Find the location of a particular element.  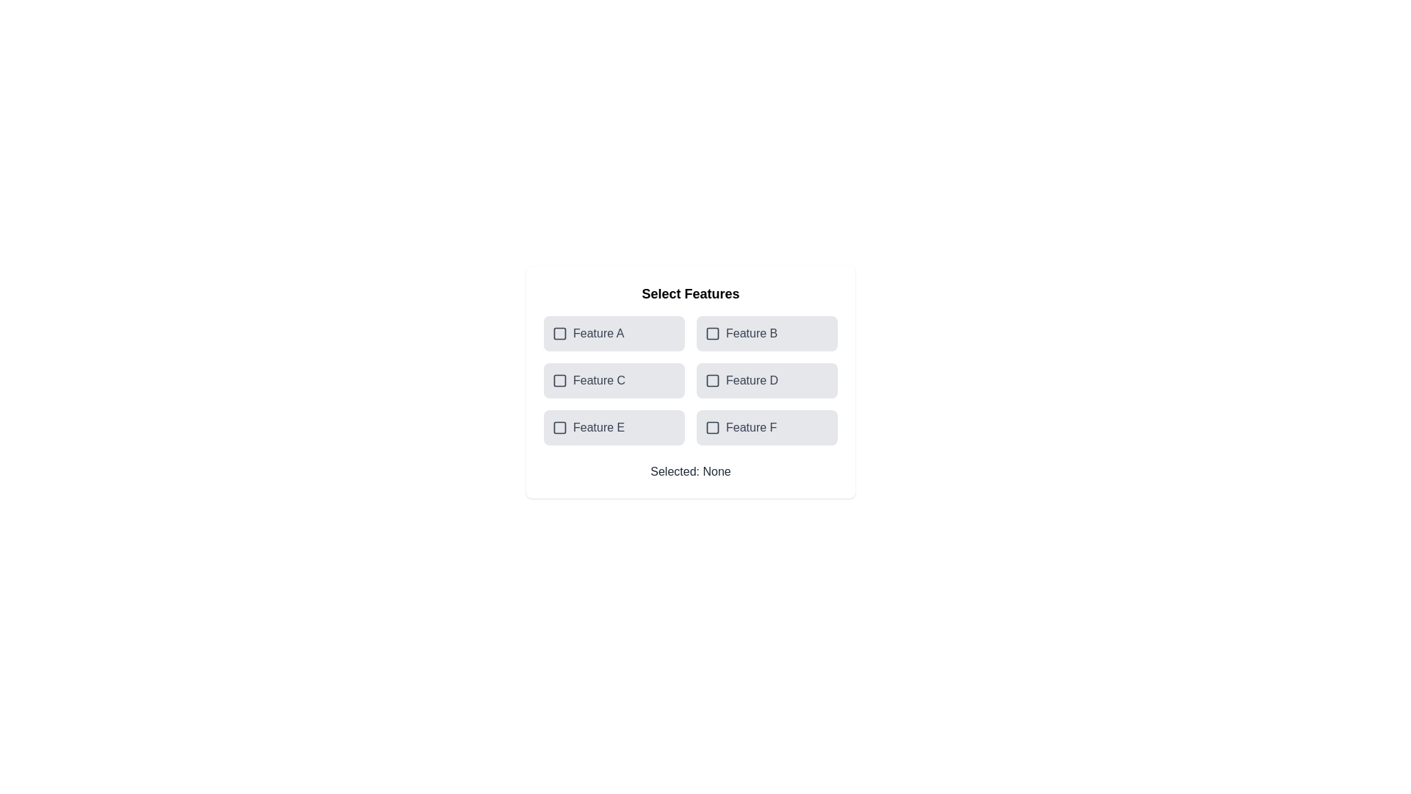

the red Checkbox located in the left column beside the label 'Feature C' in the third row of the grid is located at coordinates (559, 379).